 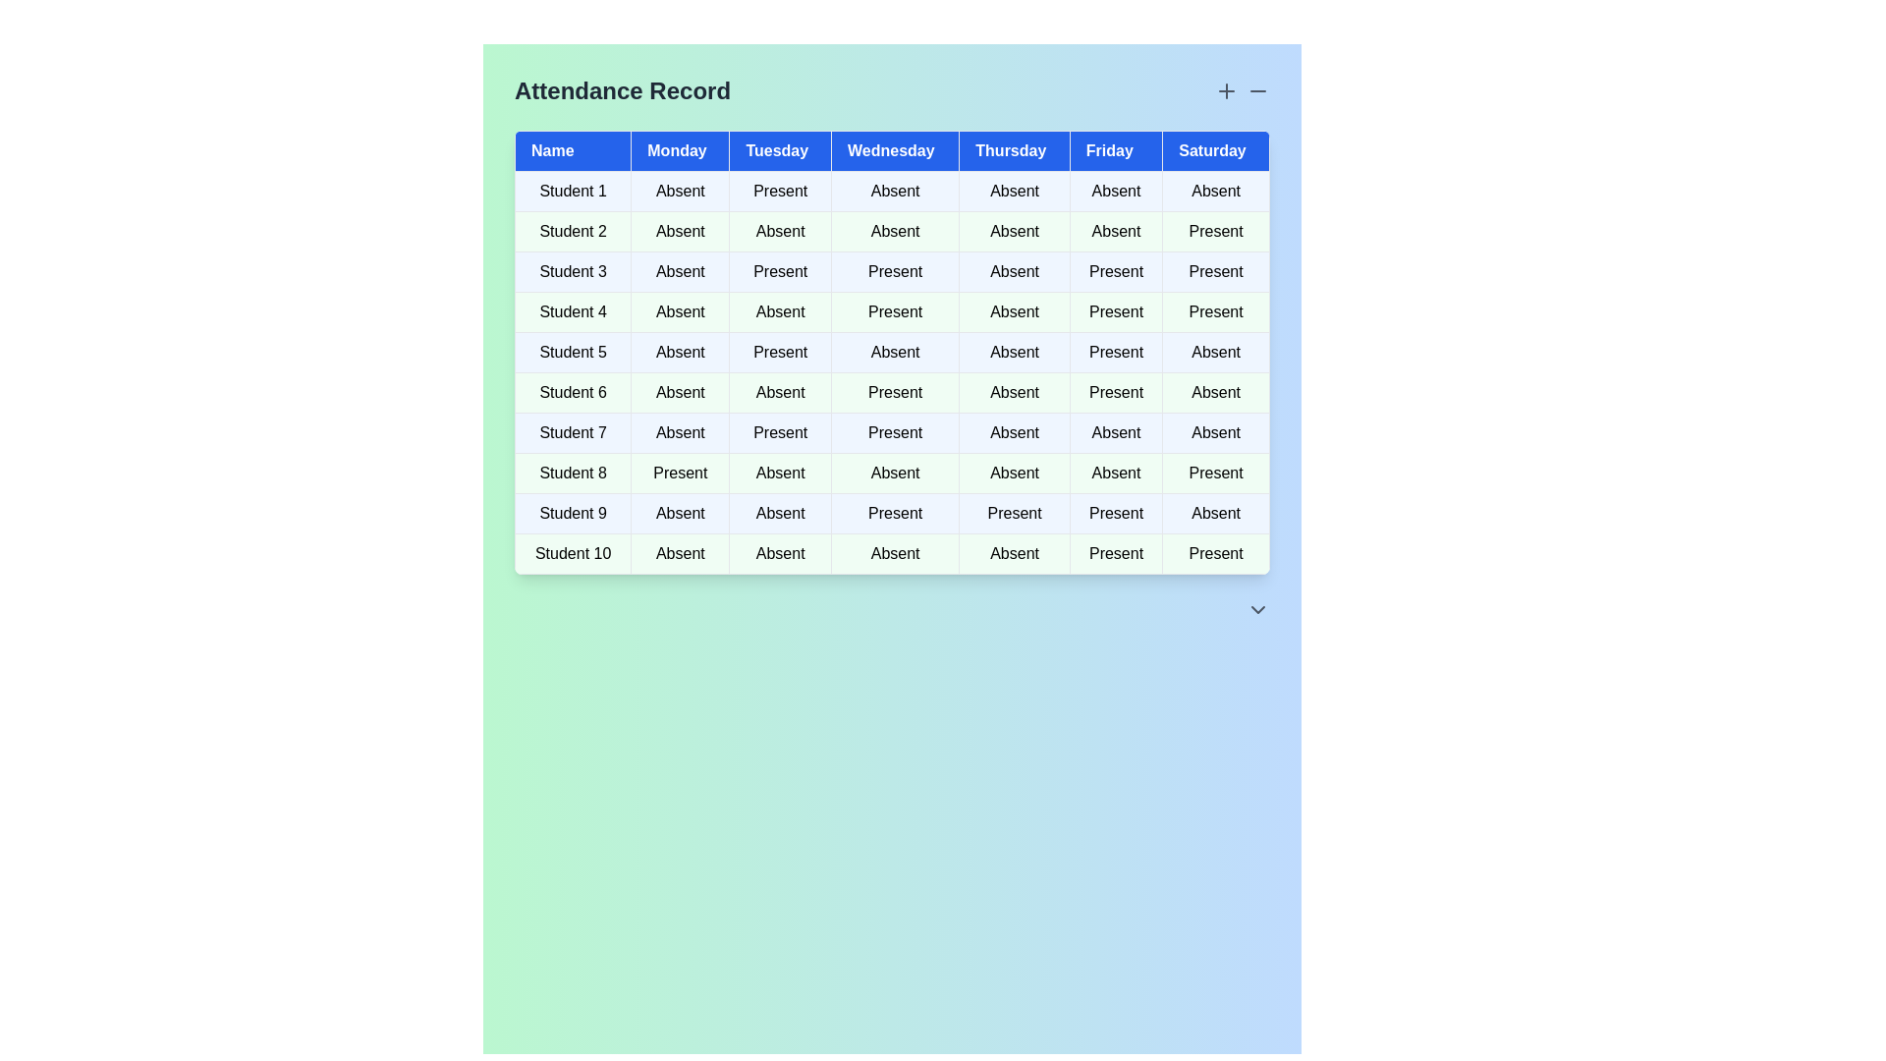 What do you see at coordinates (1225, 90) in the screenshot?
I see `the 'Plus' icon to add a new record` at bounding box center [1225, 90].